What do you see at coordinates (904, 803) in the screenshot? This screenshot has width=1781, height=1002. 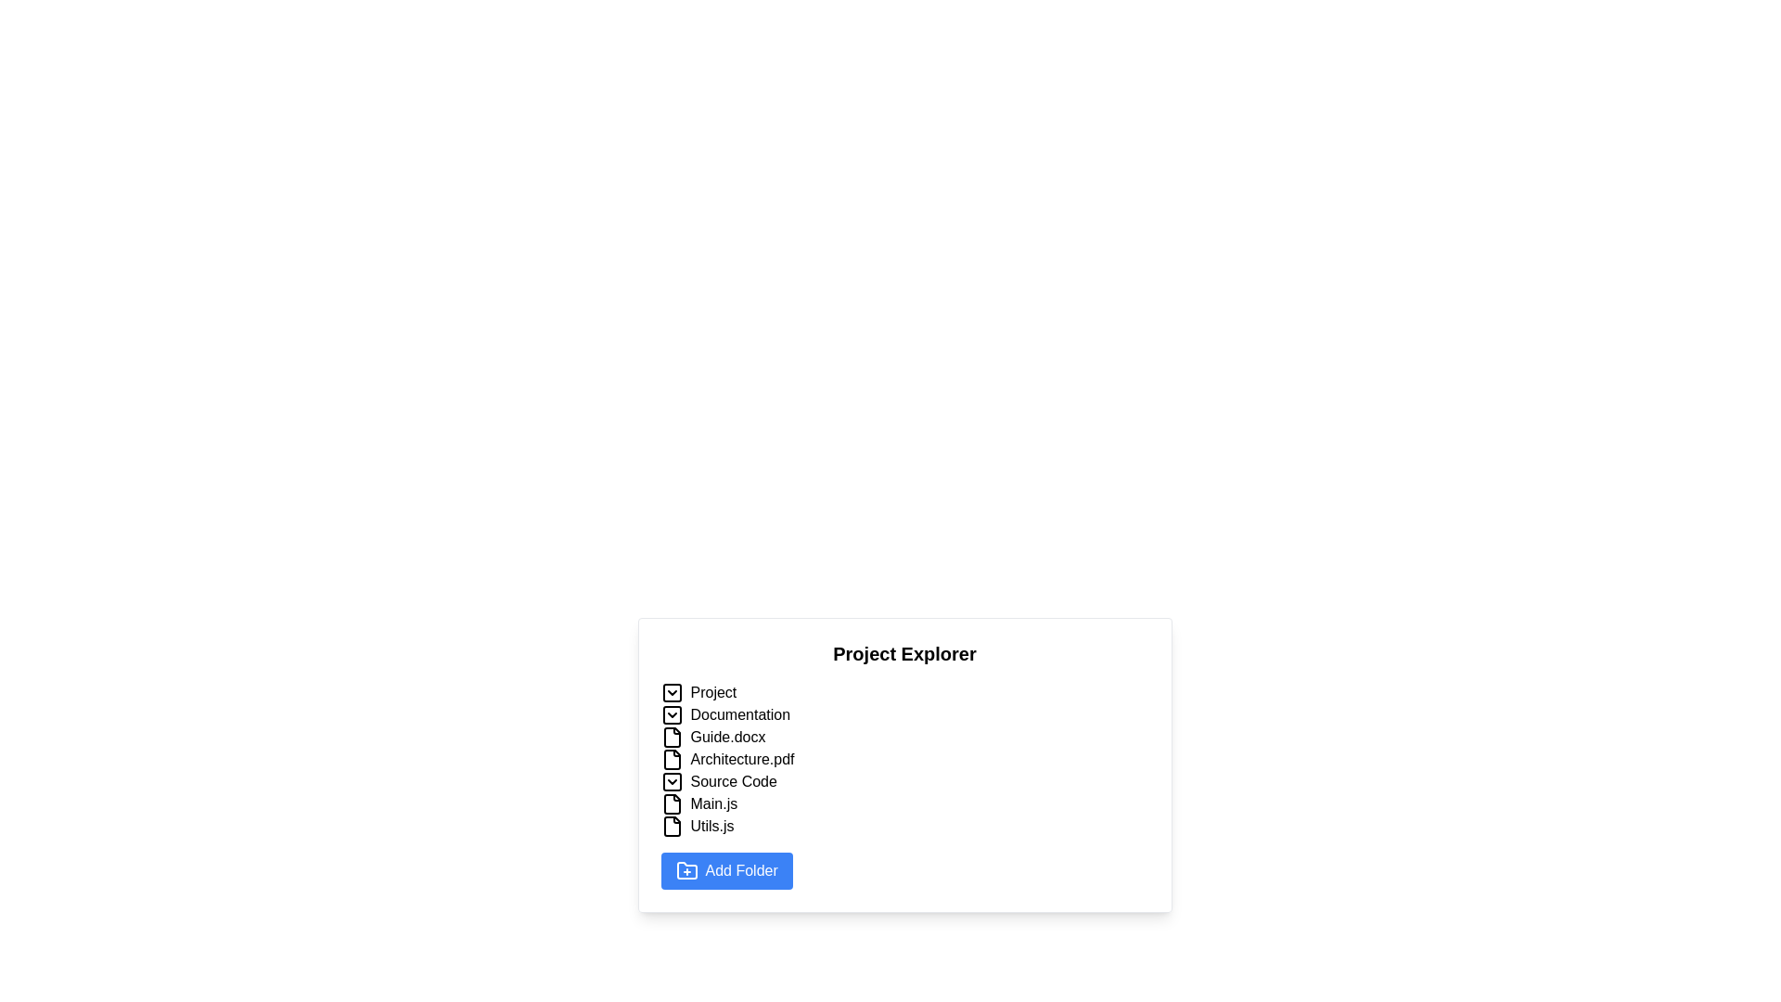 I see `to open the 'Source Code' folder, which is the fourth main folder` at bounding box center [904, 803].